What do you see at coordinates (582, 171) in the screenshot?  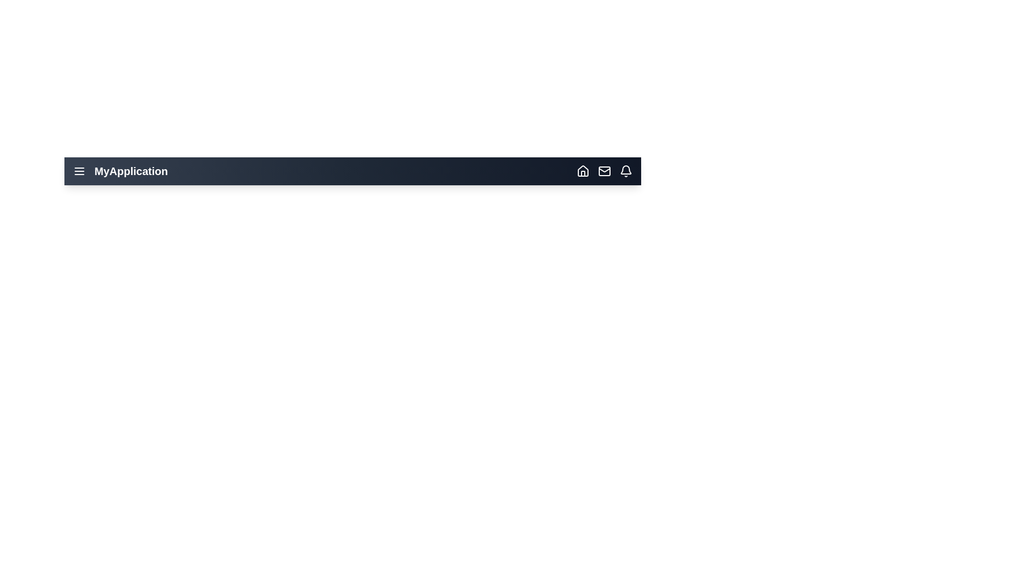 I see `the home icon to navigate to the home section` at bounding box center [582, 171].